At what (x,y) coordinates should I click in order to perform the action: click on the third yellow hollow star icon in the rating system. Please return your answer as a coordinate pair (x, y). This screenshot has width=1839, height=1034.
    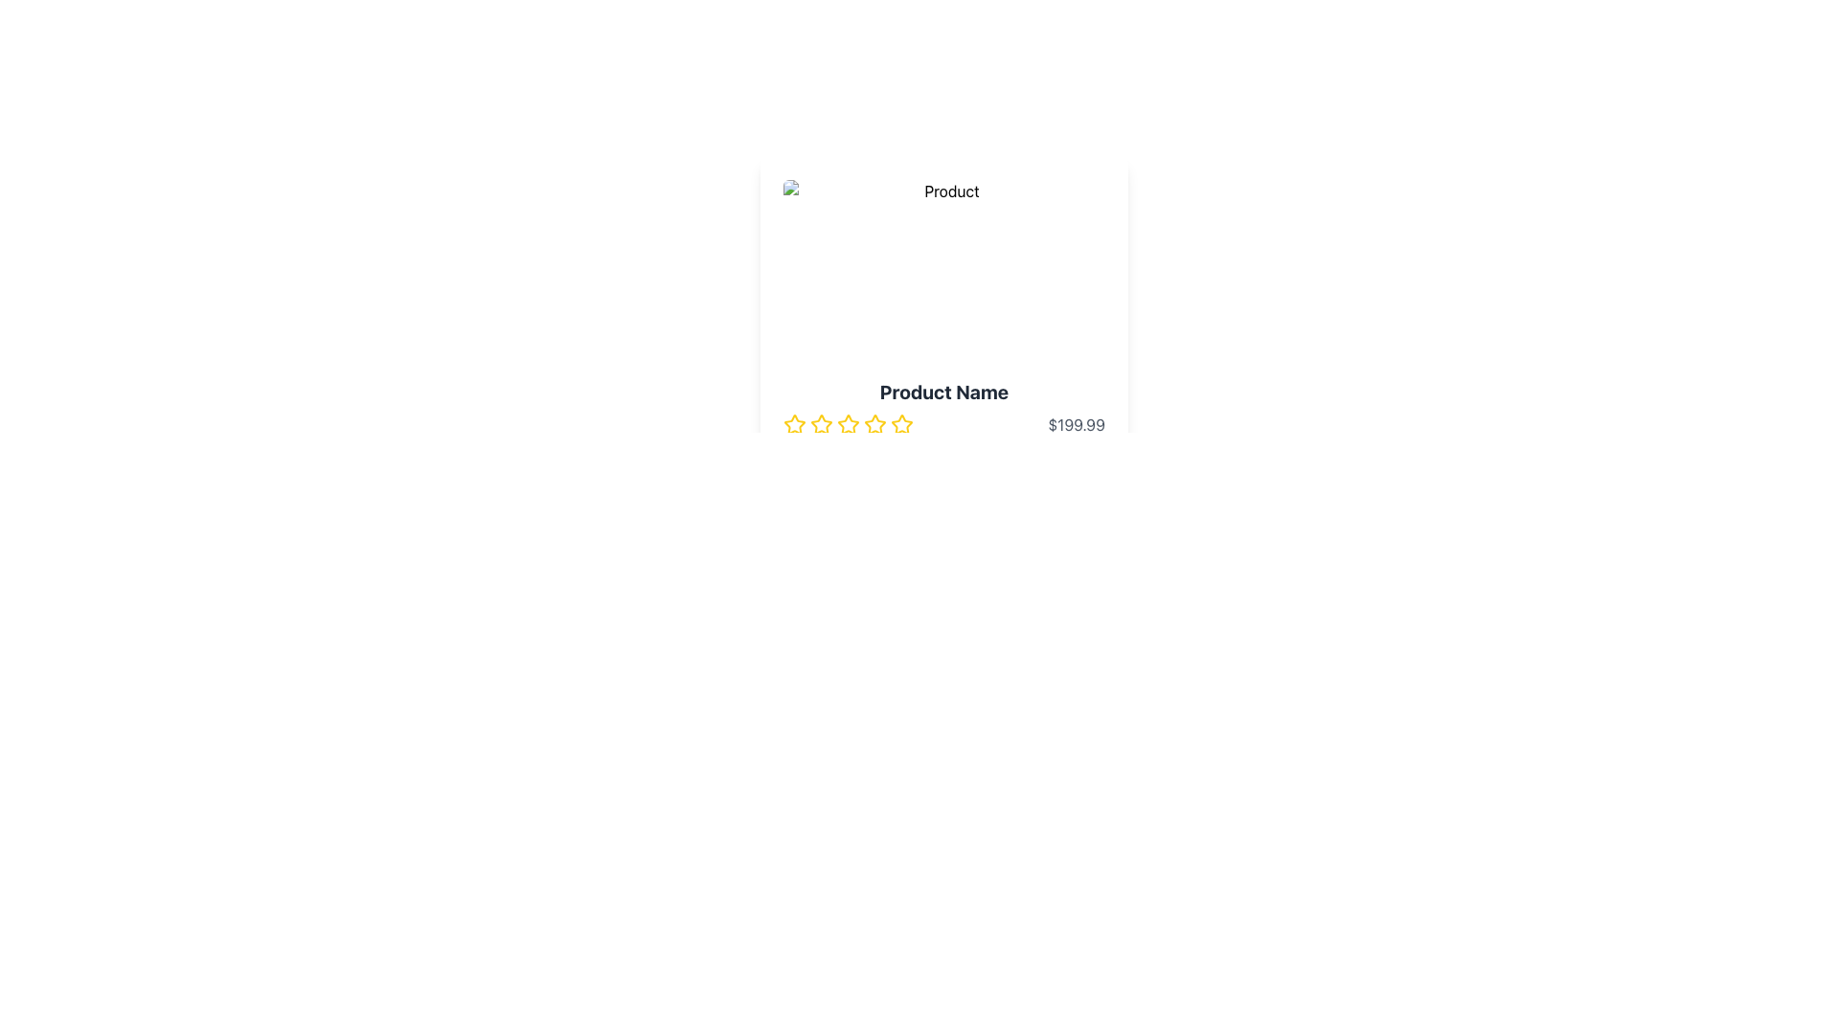
    Looking at the image, I should click on (848, 423).